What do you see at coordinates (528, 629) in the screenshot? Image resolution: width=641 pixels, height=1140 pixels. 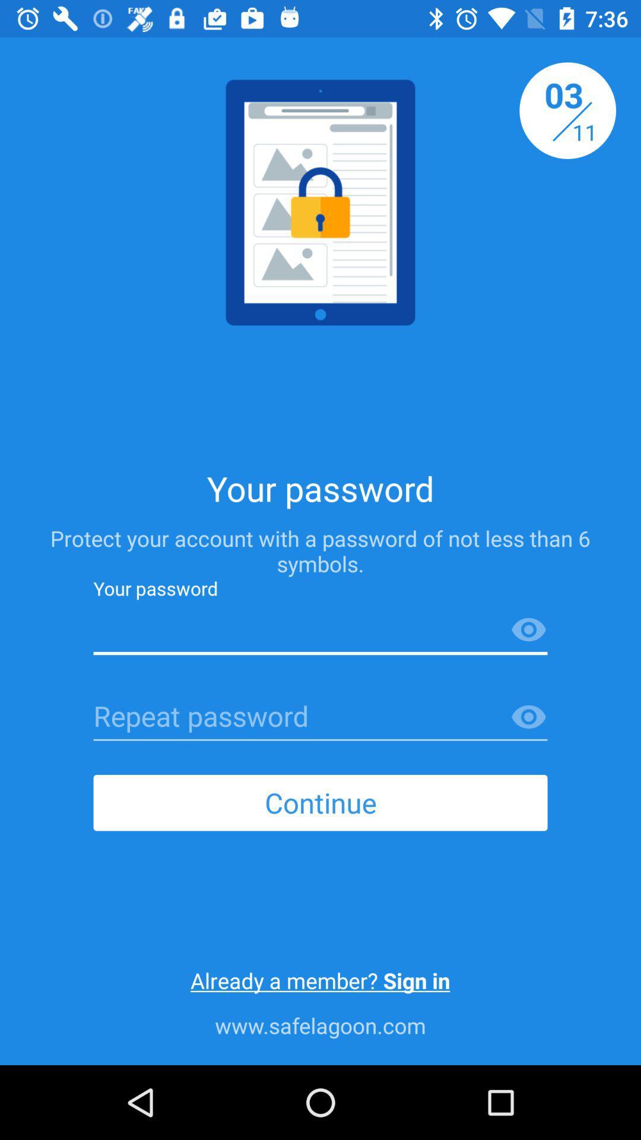 I see `see password` at bounding box center [528, 629].